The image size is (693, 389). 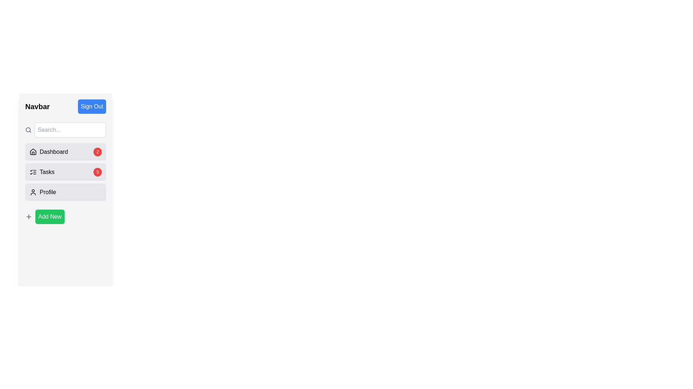 What do you see at coordinates (28, 130) in the screenshot?
I see `the circular part of the magnifying glass icon located to the left of the search input field in the sidebar under the label 'Navbar'` at bounding box center [28, 130].